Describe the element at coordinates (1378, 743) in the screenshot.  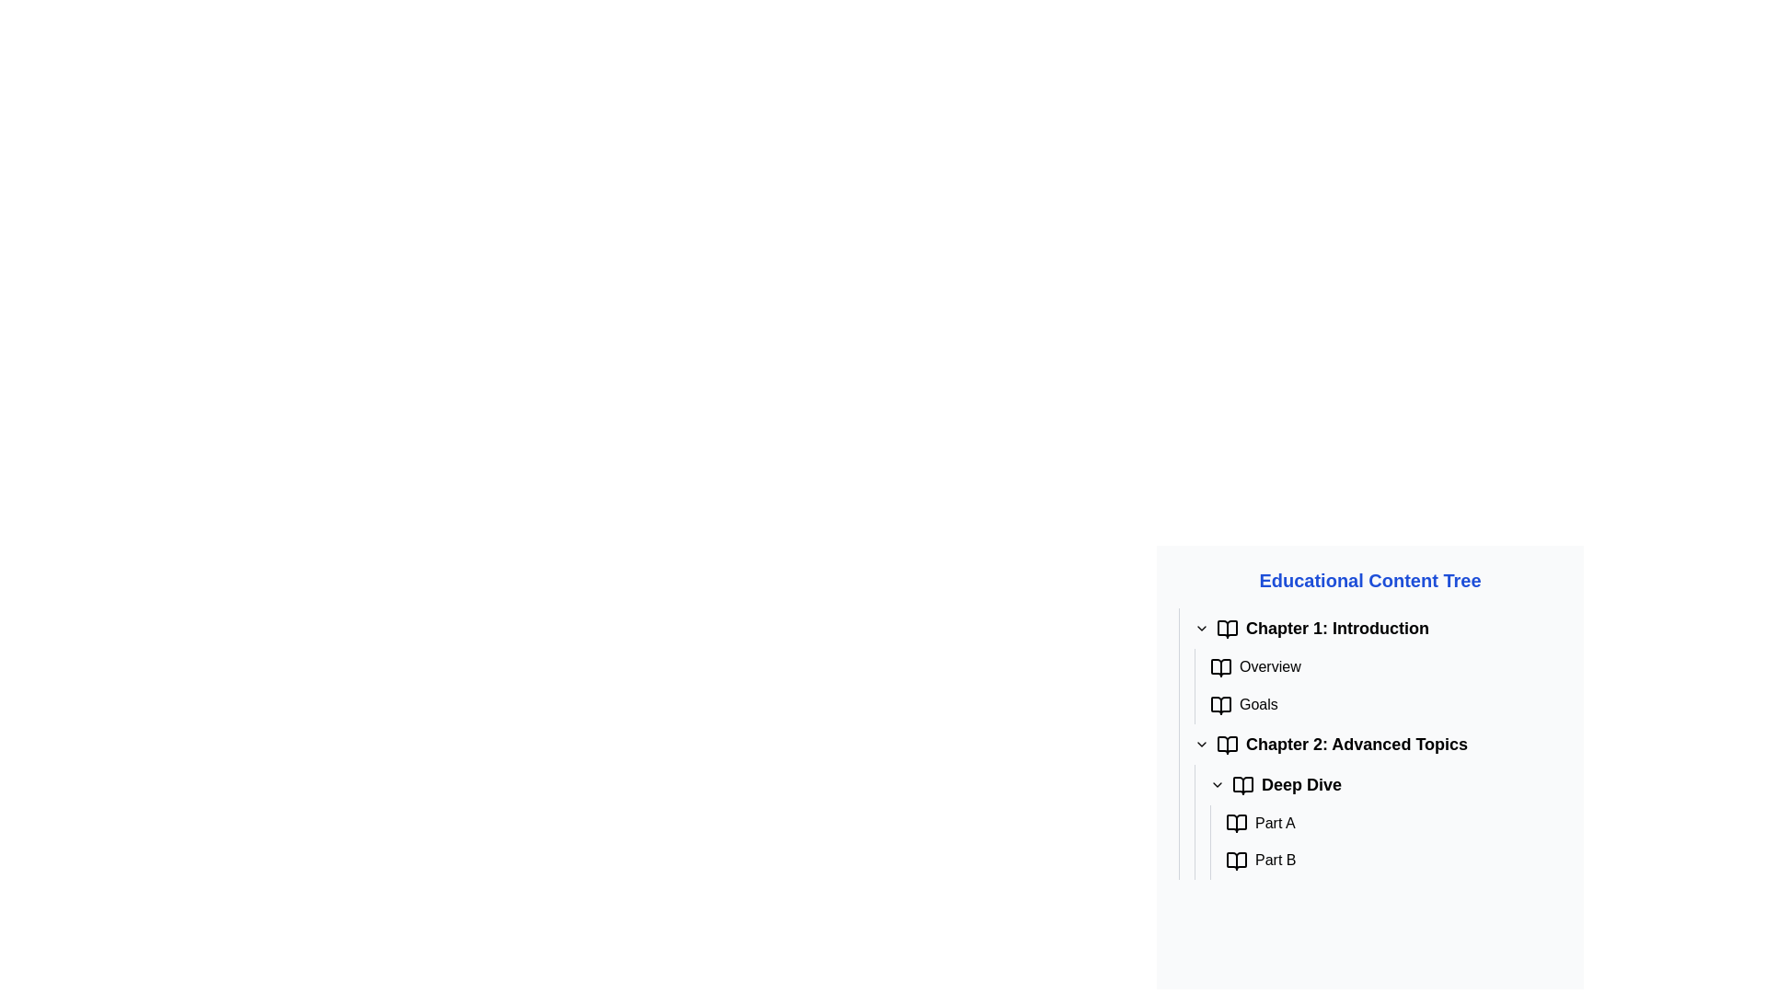
I see `the triangular indicator icon next to 'Chapter 2: Advanced Topics'` at that location.